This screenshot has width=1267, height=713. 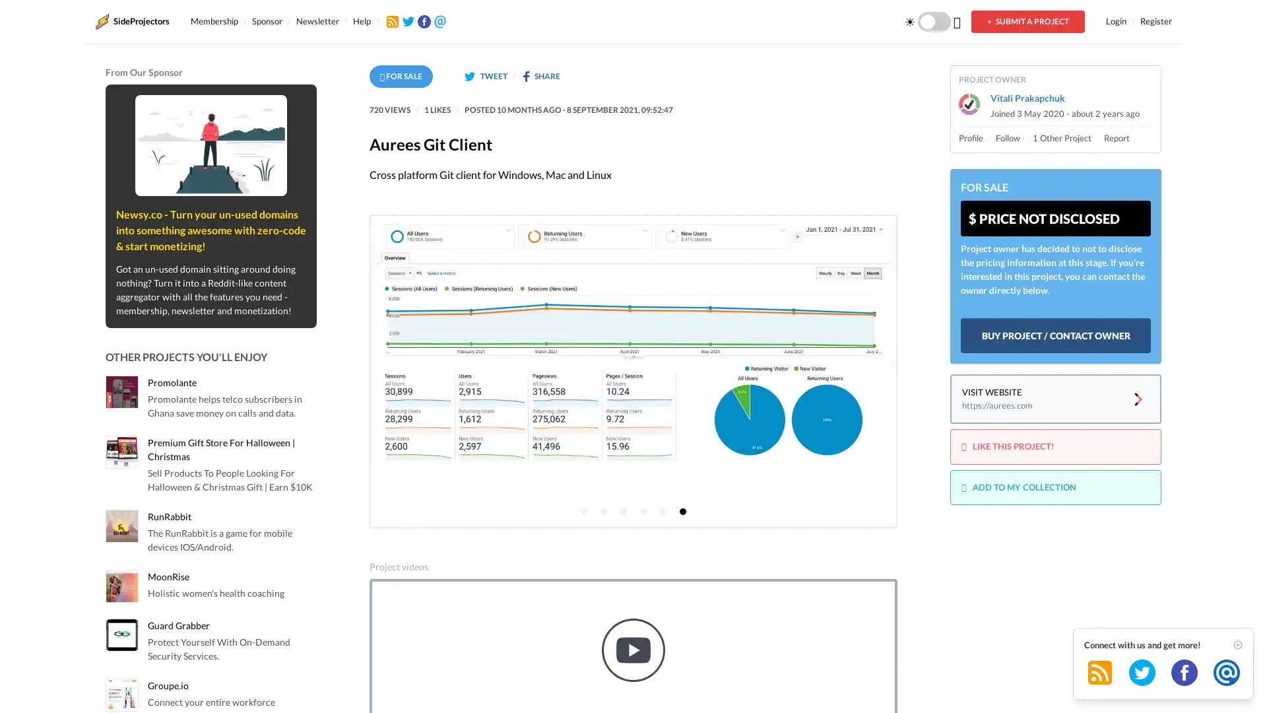 What do you see at coordinates (896, 371) in the screenshot?
I see `Next page` at bounding box center [896, 371].